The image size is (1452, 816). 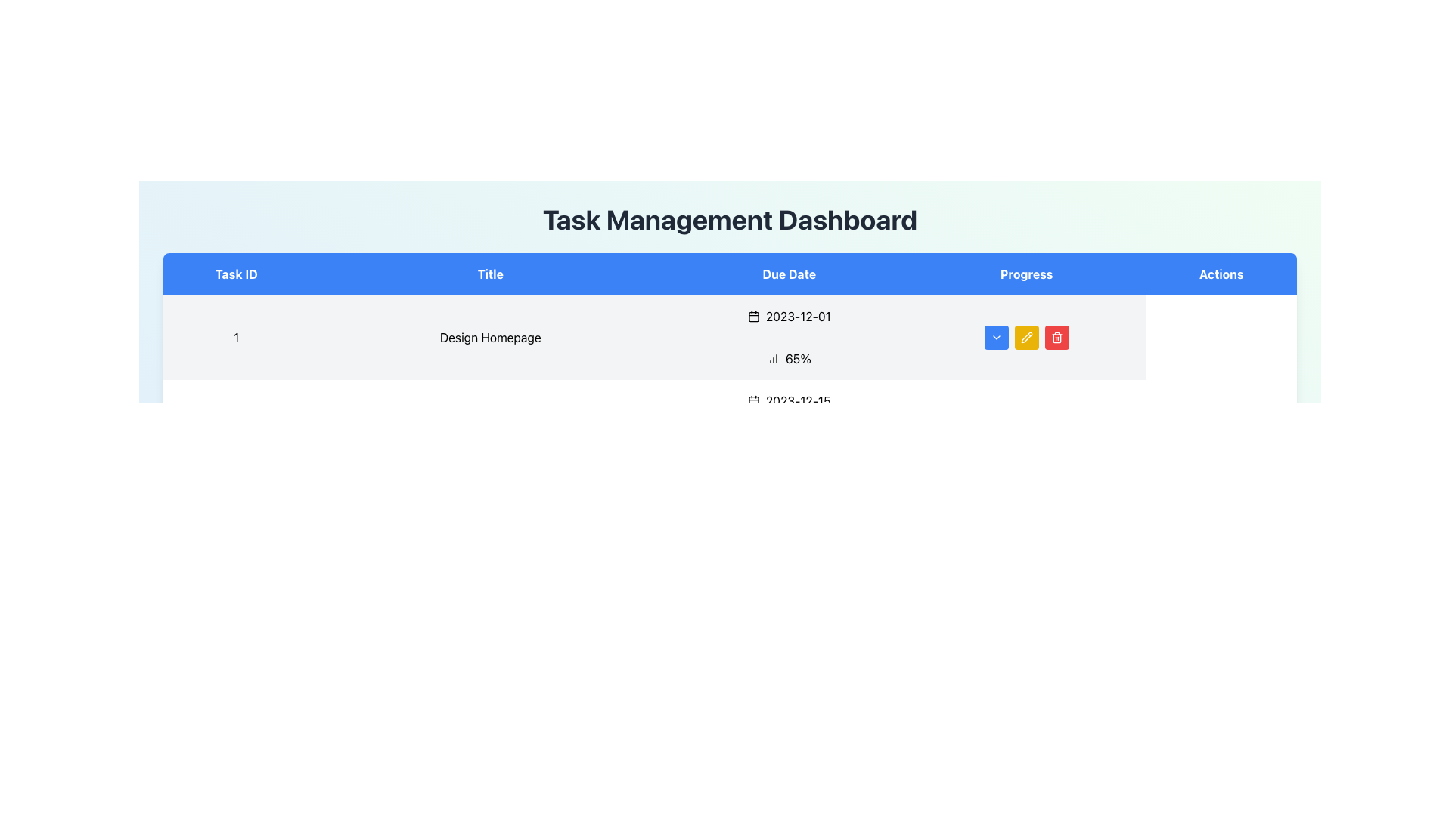 What do you see at coordinates (1056, 337) in the screenshot?
I see `the trash can icon button with a red background in the Actions column of the first row in the task management table` at bounding box center [1056, 337].